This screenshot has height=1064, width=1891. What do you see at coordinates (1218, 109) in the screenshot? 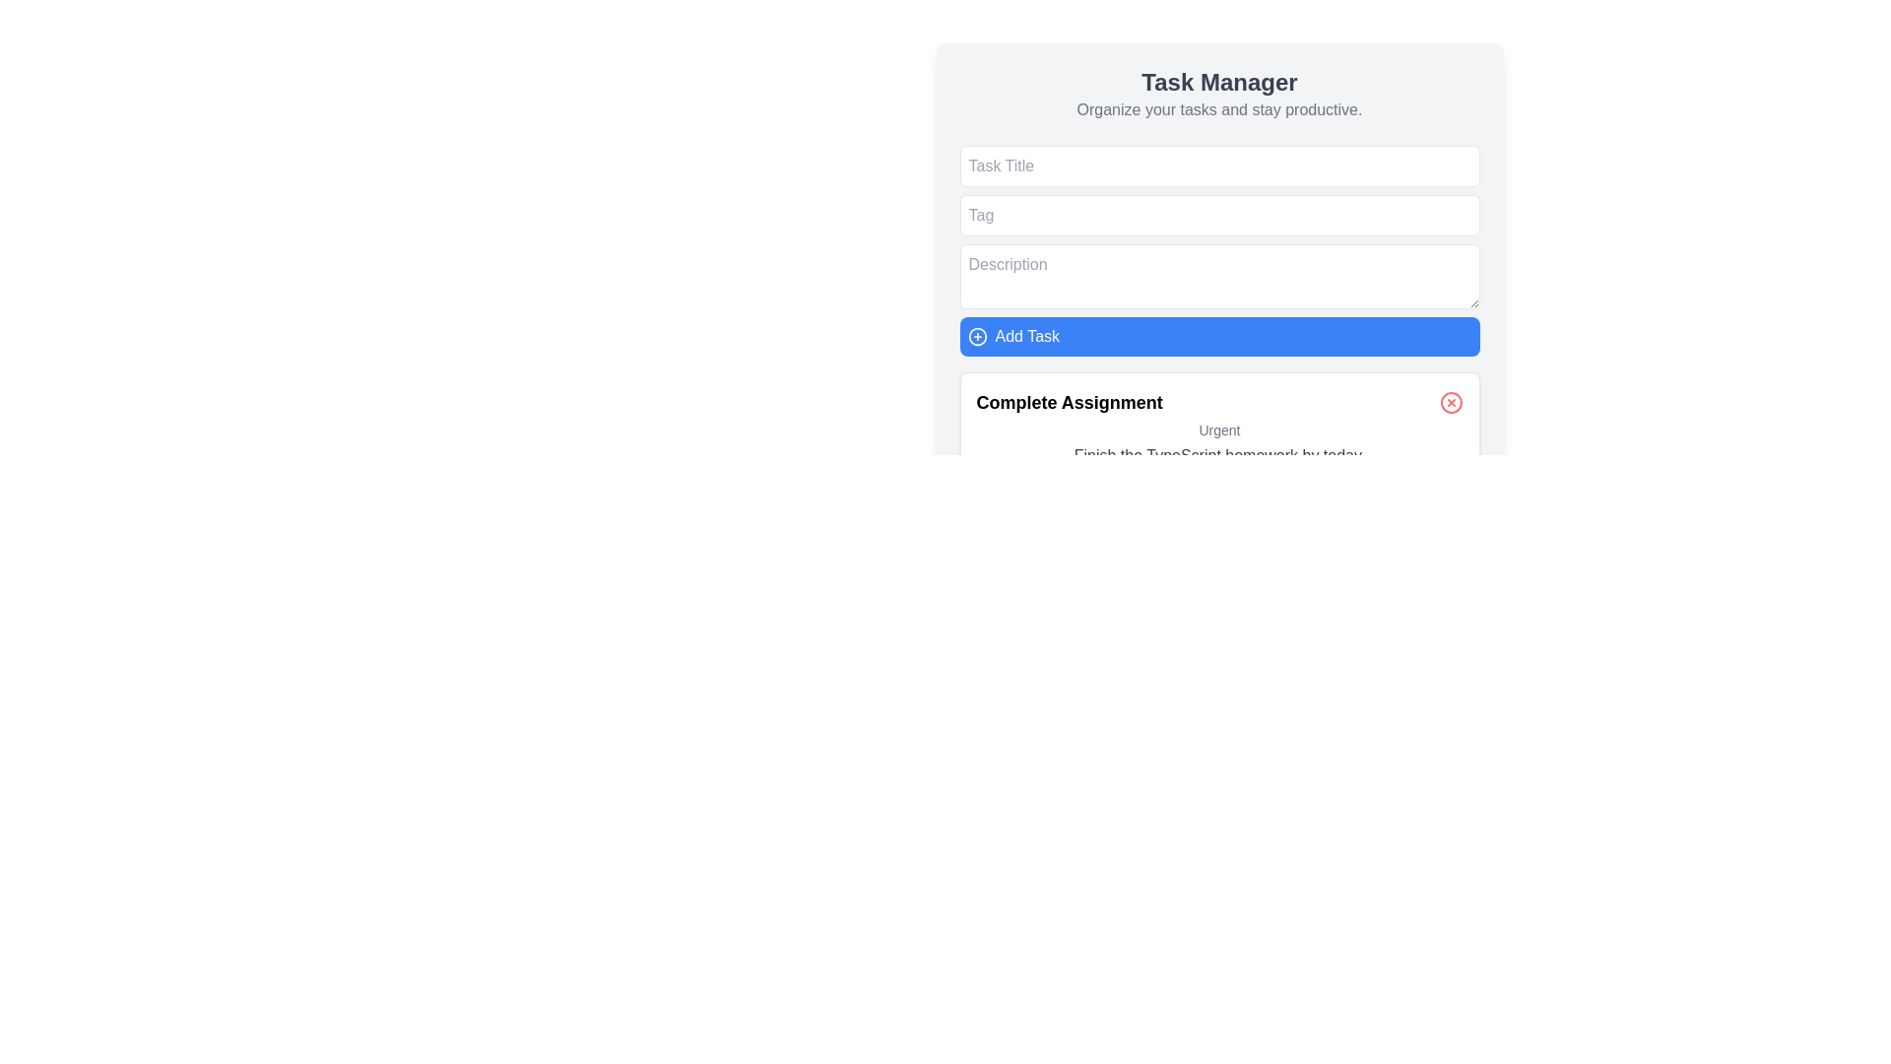
I see `the text label providing supplemental information beneath the 'Task Manager' title` at bounding box center [1218, 109].